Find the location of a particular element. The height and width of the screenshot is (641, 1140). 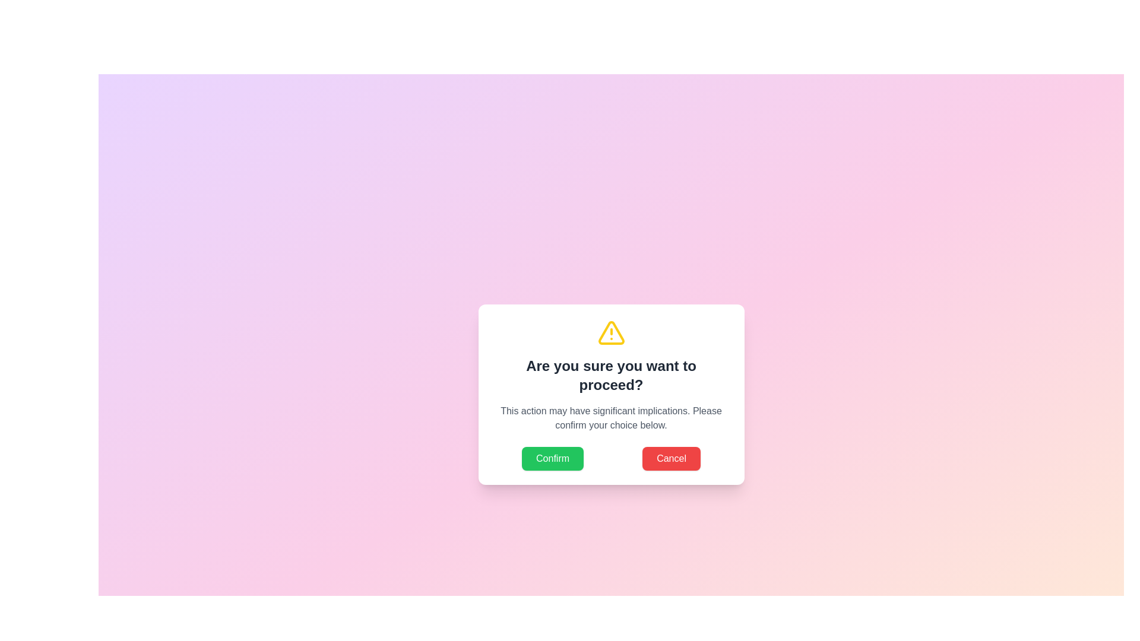

the yellow triangular warning icon with a black outline and an exclamation mark, which is located at the top of the dialog box above the message 'Are you sure you want to proceed?' is located at coordinates (611, 332).